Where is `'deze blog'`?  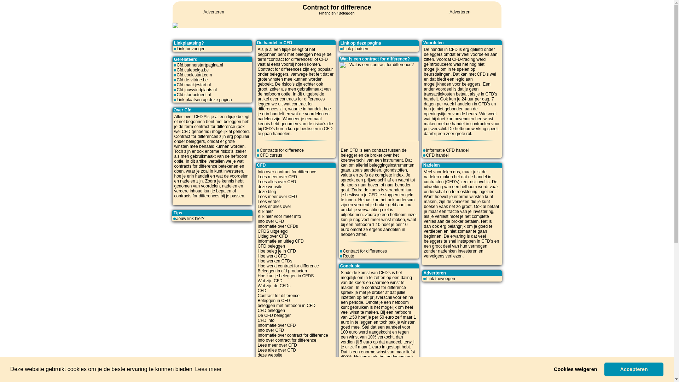
'deze blog' is located at coordinates (266, 192).